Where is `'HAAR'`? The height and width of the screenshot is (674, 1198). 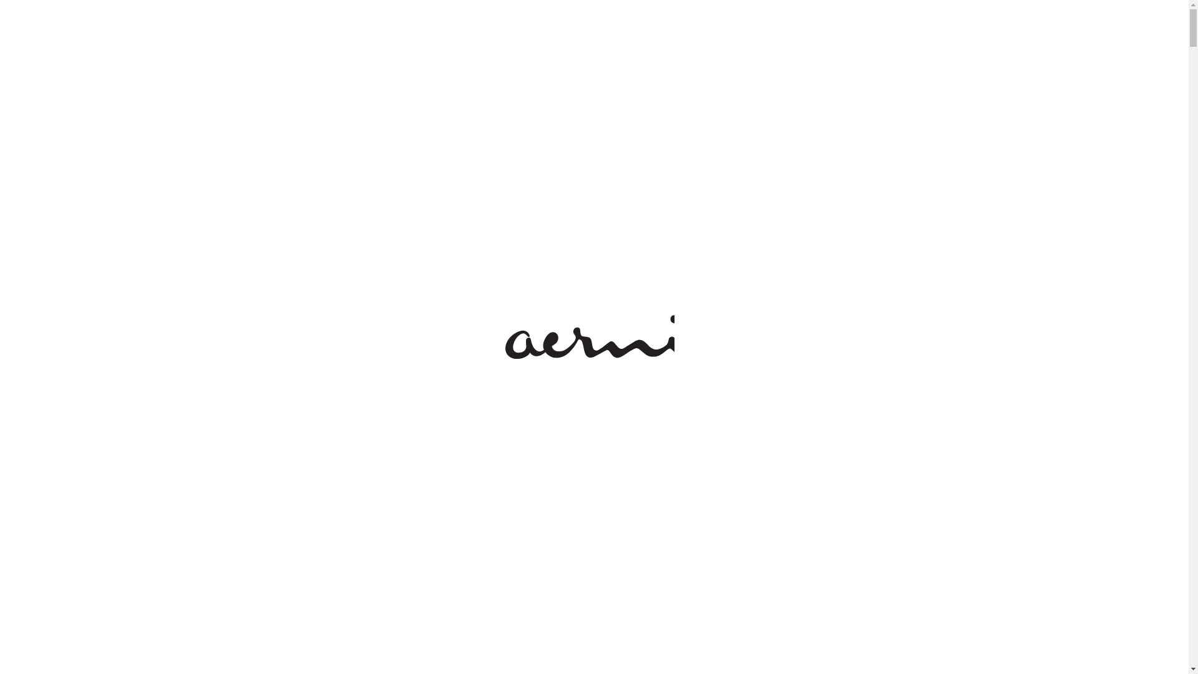
'HAAR' is located at coordinates (830, 52).